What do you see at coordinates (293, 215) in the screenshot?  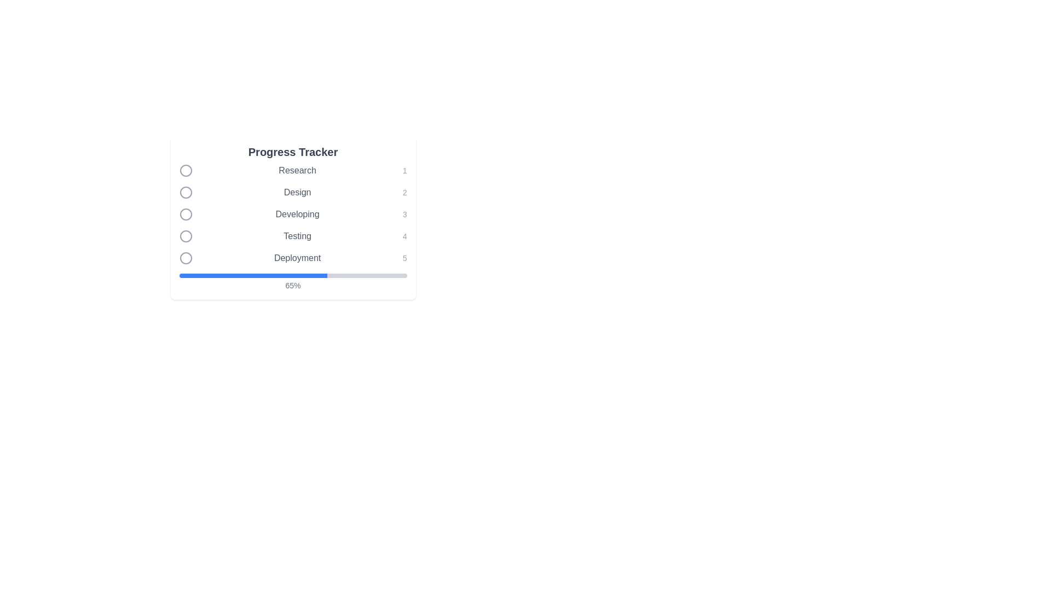 I see `the third list item in the progress tracker that denotes the 'Developing' phase, positioned between 'Design 2' and 'Testing 4'` at bounding box center [293, 215].